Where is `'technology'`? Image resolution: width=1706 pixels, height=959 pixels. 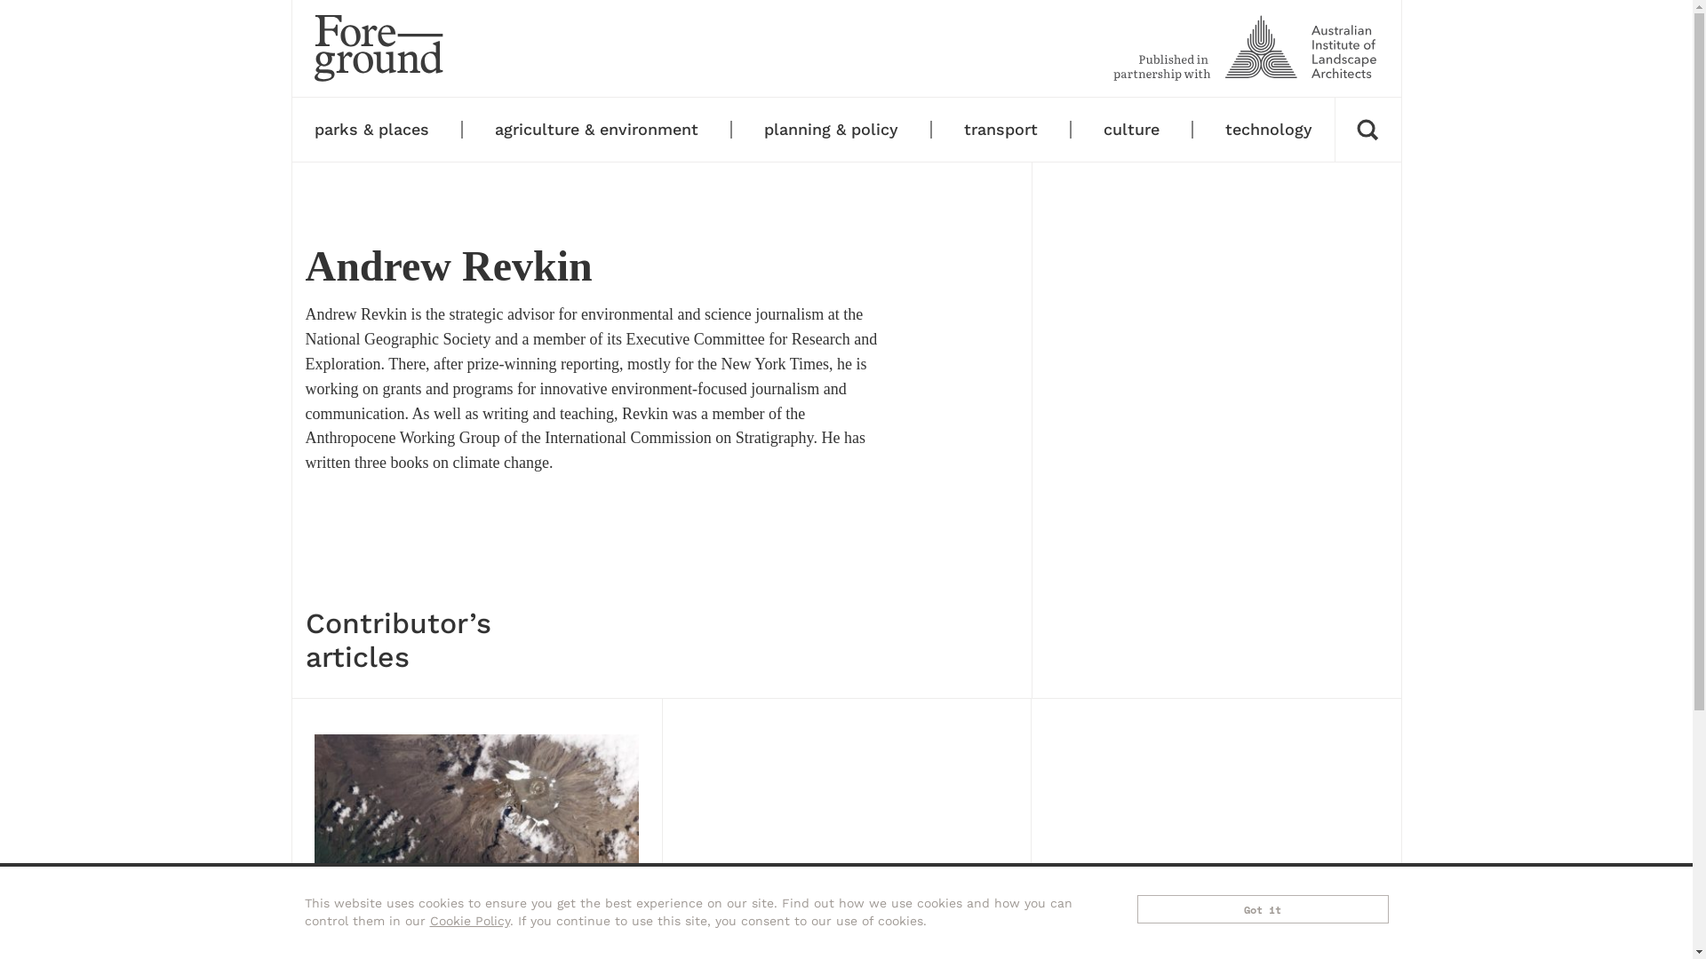
'technology' is located at coordinates (1223, 129).